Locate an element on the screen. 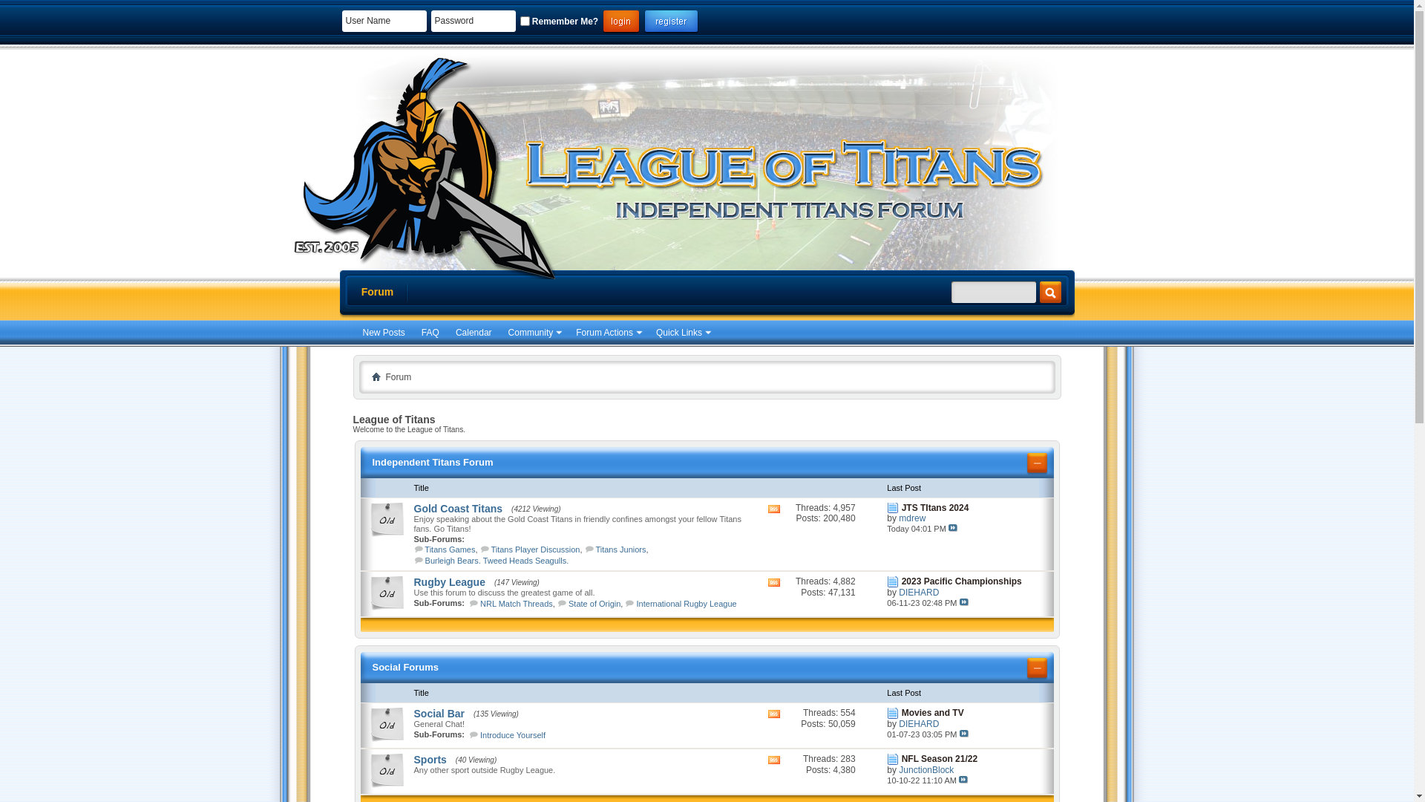  'Independent Titans Forum' is located at coordinates (432, 461).